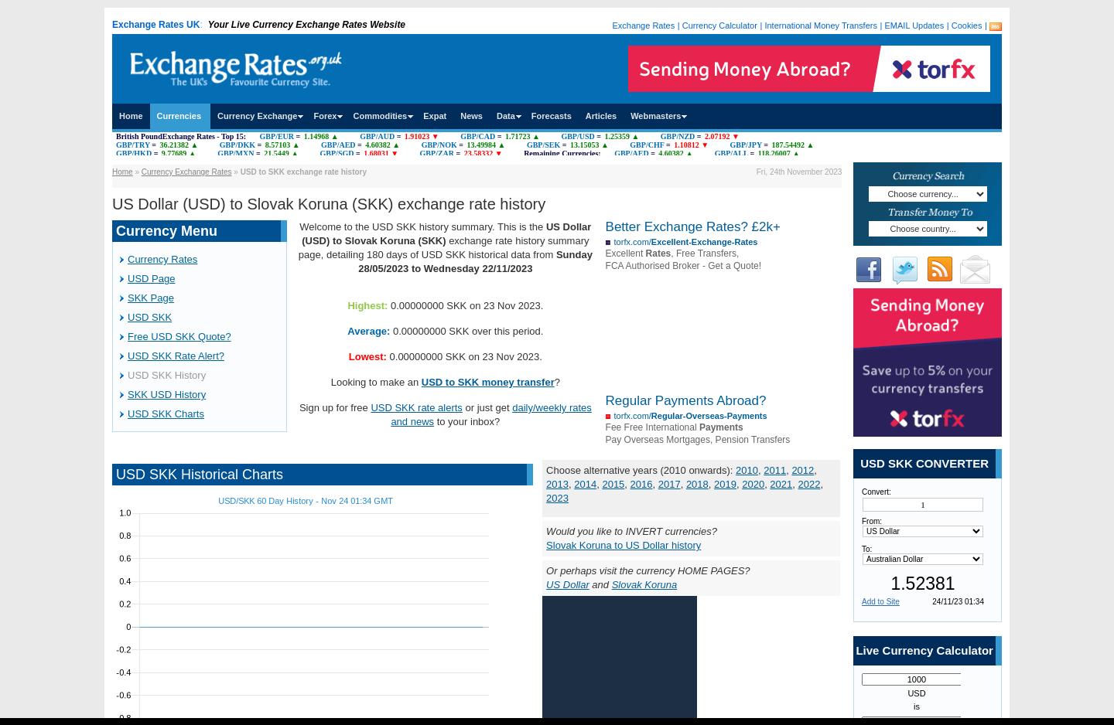 Image resolution: width=1114 pixels, height=725 pixels. Describe the element at coordinates (725, 484) in the screenshot. I see `'2019'` at that location.